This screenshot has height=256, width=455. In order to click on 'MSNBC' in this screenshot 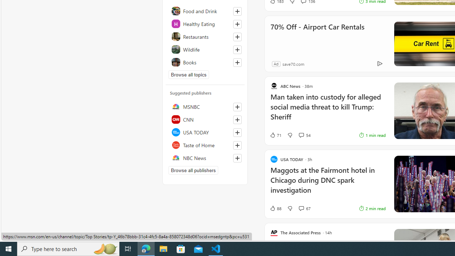, I will do `click(205, 106)`.